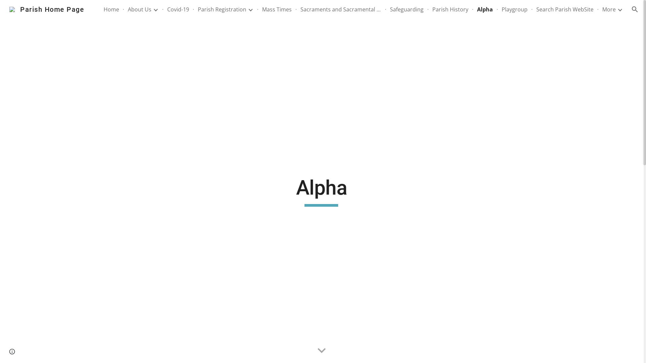 This screenshot has width=646, height=363. I want to click on 'Sacraments and Sacramental Program', so click(340, 9).